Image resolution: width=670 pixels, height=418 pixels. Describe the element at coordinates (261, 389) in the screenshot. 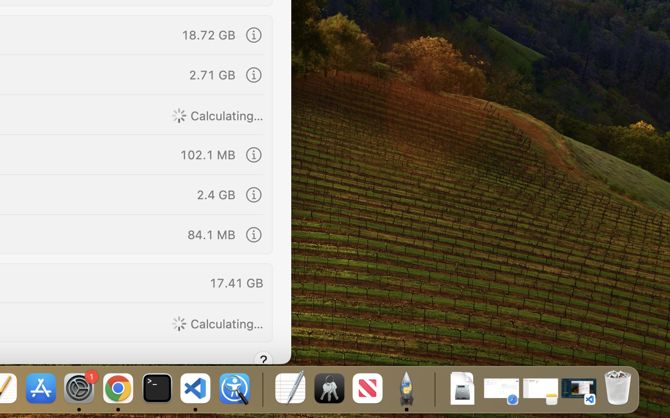

I see `'0.4285714328289032'` at that location.